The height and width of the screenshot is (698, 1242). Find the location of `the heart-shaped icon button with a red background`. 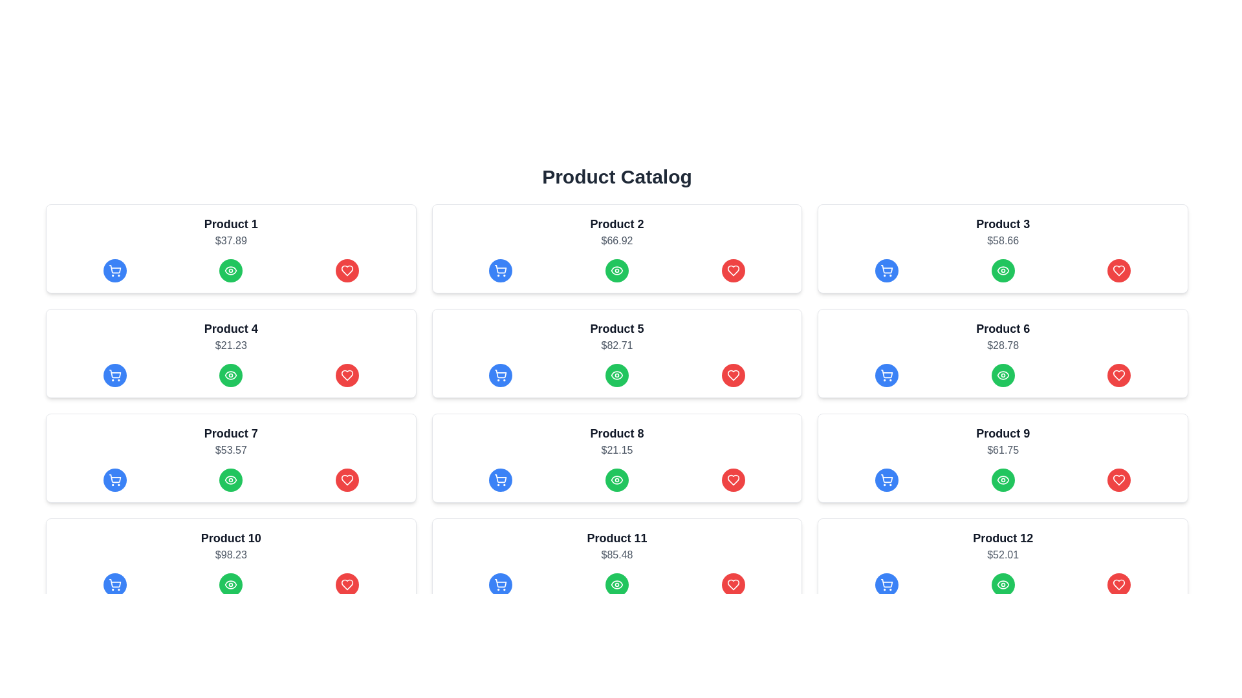

the heart-shaped icon button with a red background is located at coordinates (733, 375).